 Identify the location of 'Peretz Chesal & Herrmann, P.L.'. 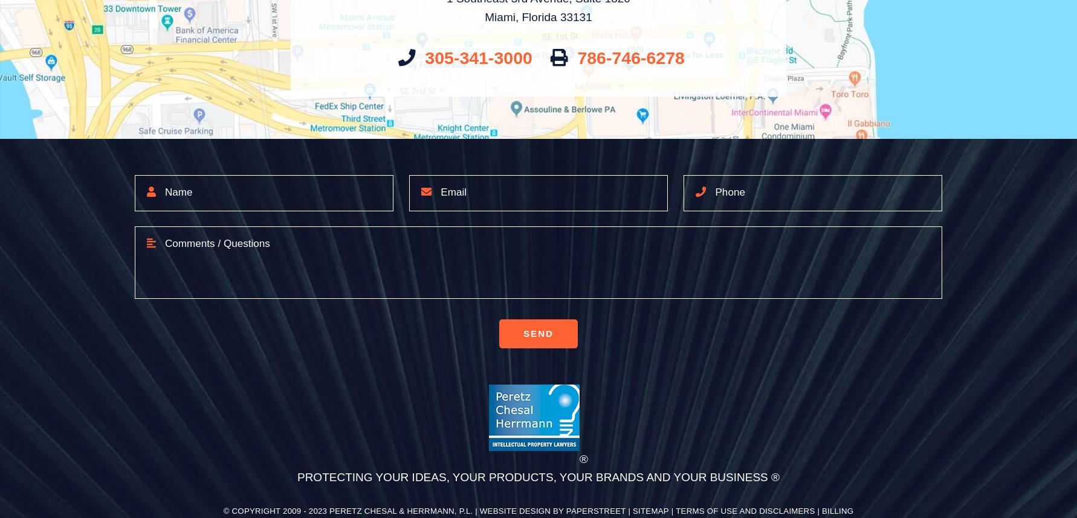
(329, 510).